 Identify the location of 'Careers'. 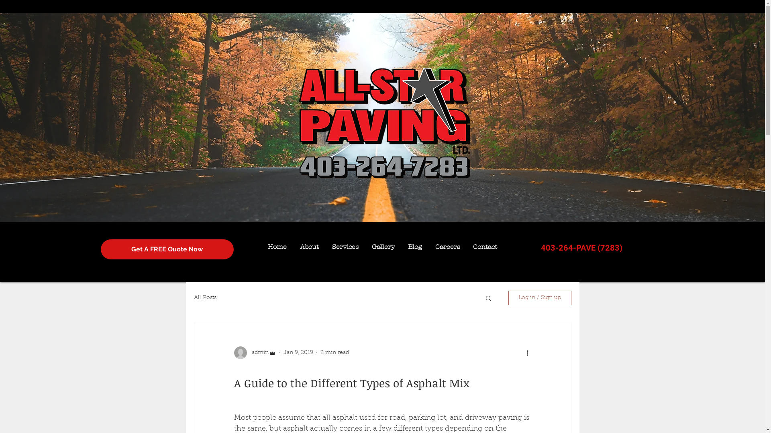
(447, 246).